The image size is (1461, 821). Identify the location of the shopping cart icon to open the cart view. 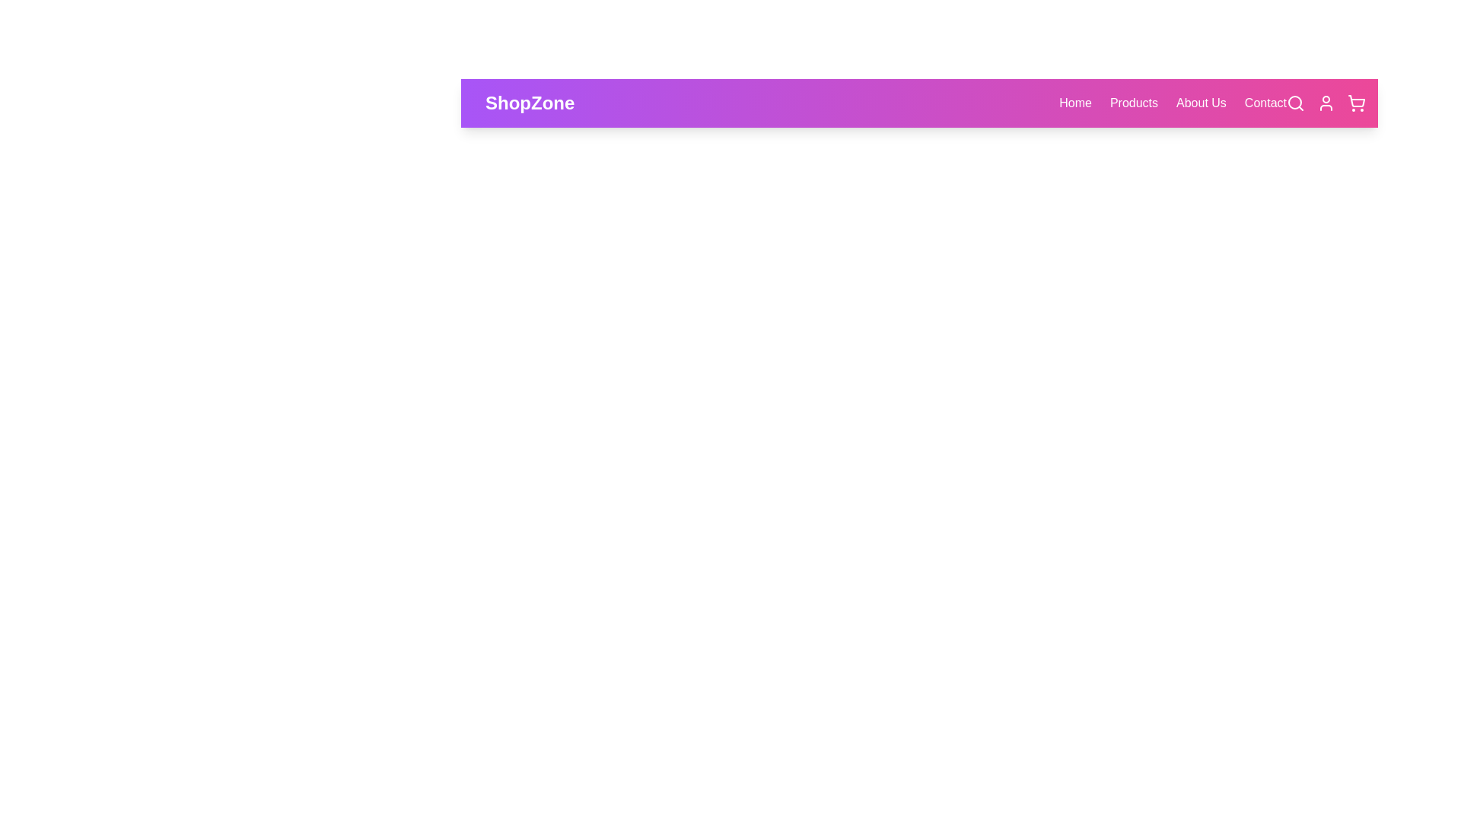
(1356, 103).